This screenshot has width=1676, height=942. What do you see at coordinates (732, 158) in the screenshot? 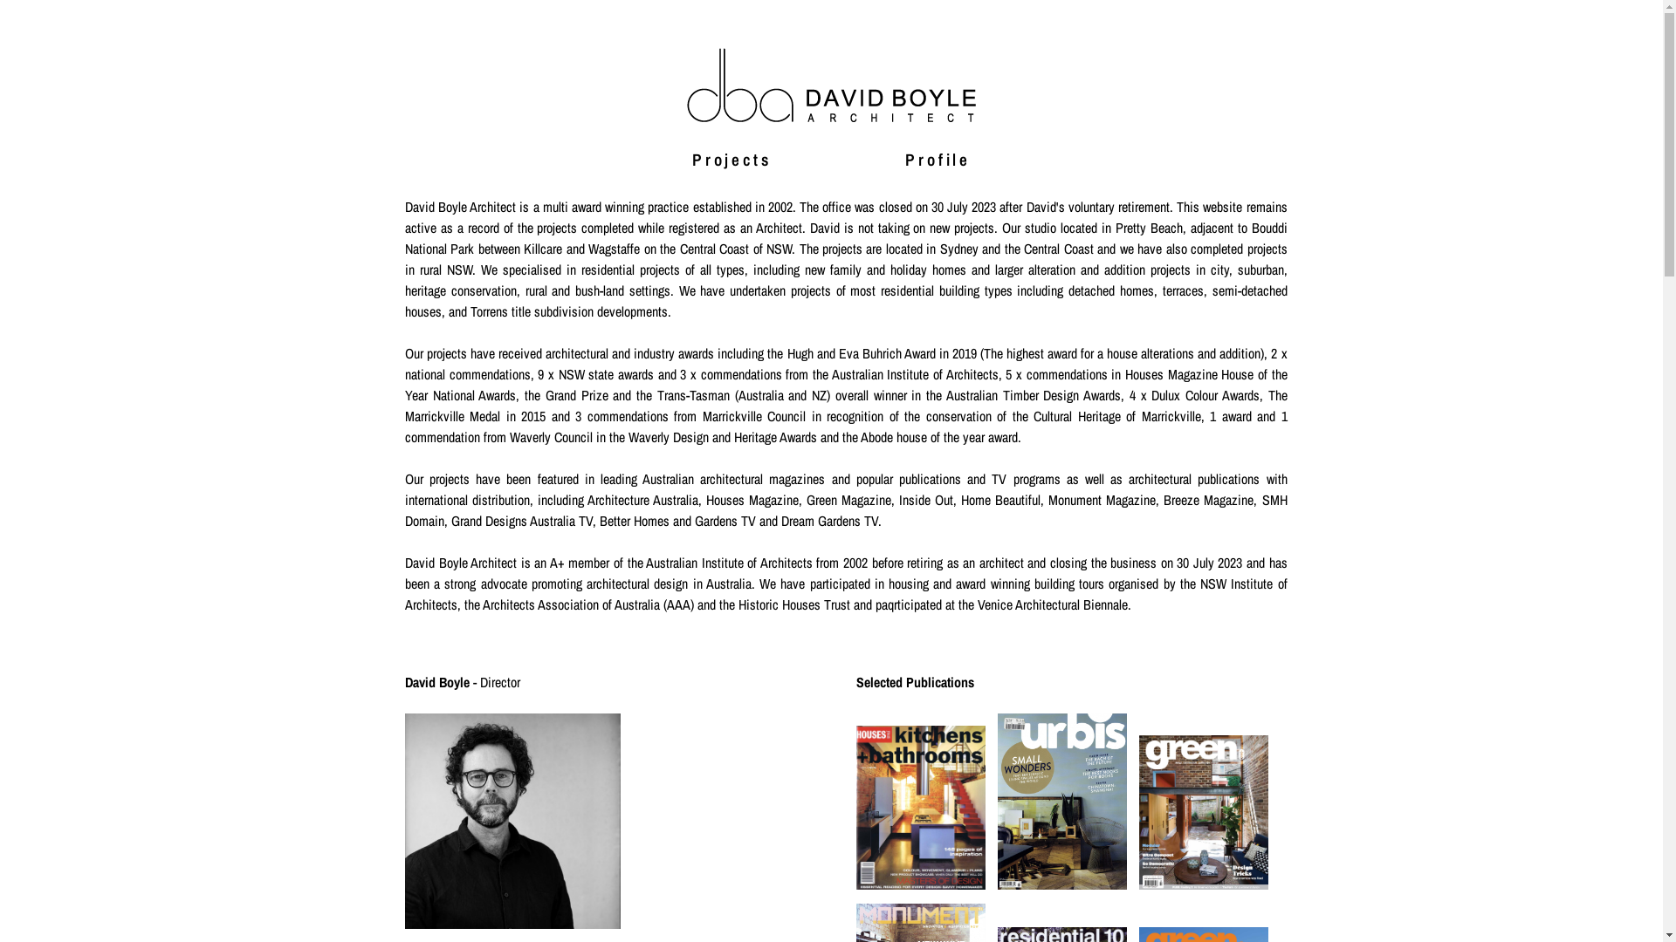
I see `'Projects'` at bounding box center [732, 158].